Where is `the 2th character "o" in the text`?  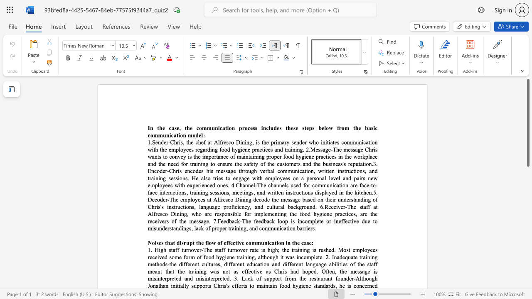 the 2th character "o" in the text is located at coordinates (247, 213).